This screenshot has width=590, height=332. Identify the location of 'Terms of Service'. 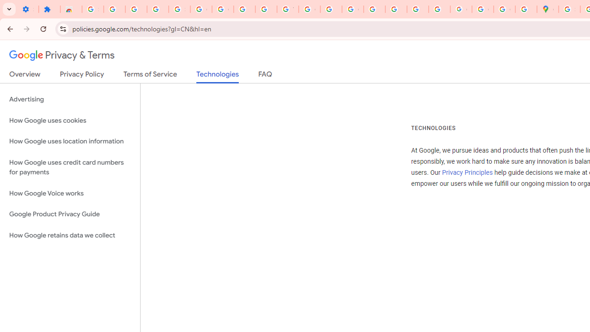
(150, 76).